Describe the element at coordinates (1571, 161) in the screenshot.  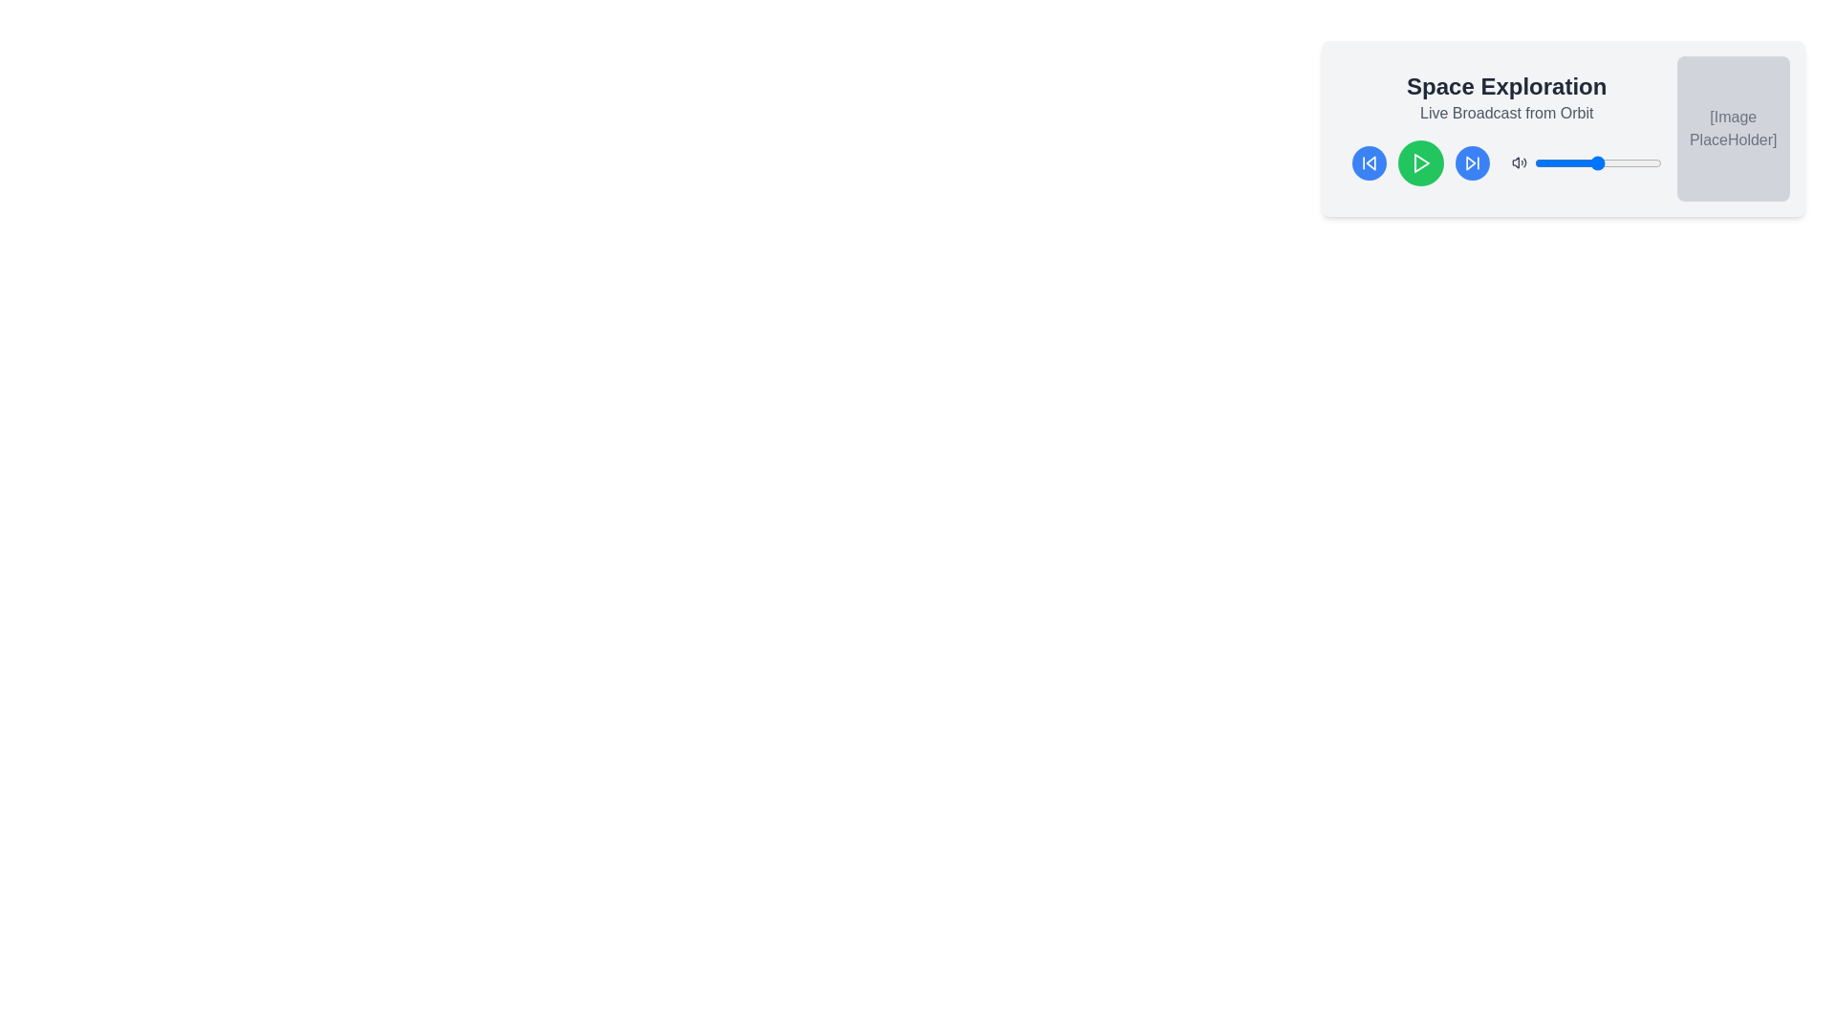
I see `the slider value` at that location.